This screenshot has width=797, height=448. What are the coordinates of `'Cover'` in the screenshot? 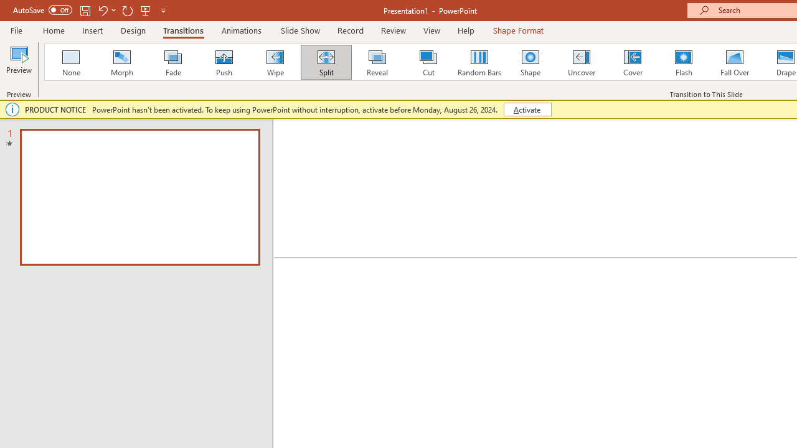 It's located at (633, 62).